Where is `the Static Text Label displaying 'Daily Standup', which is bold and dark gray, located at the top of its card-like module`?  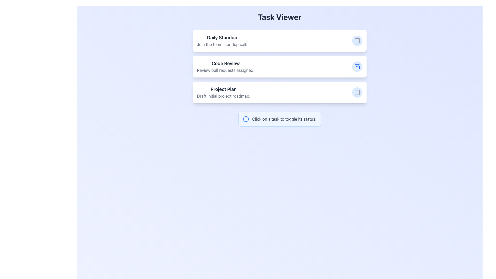
the Static Text Label displaying 'Daily Standup', which is bold and dark gray, located at the top of its card-like module is located at coordinates (222, 37).